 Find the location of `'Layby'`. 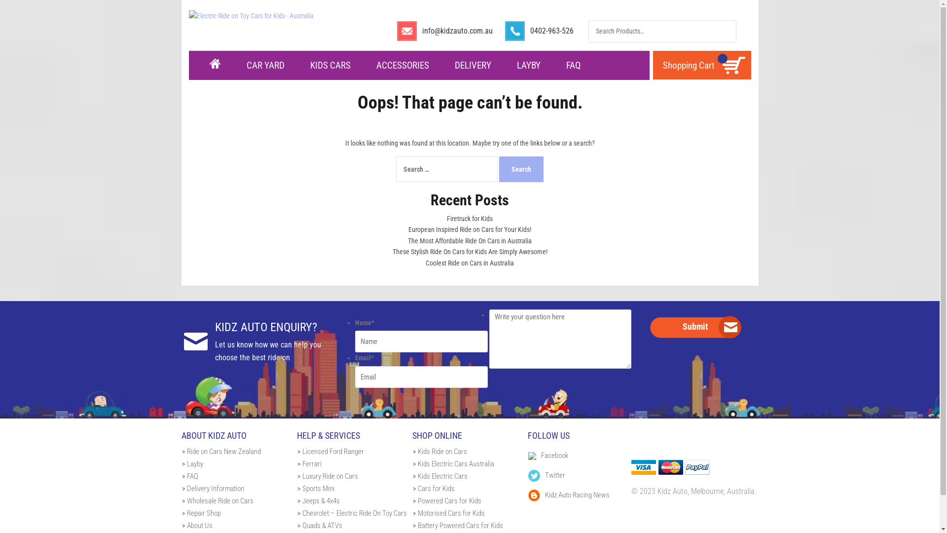

'Layby' is located at coordinates (194, 464).